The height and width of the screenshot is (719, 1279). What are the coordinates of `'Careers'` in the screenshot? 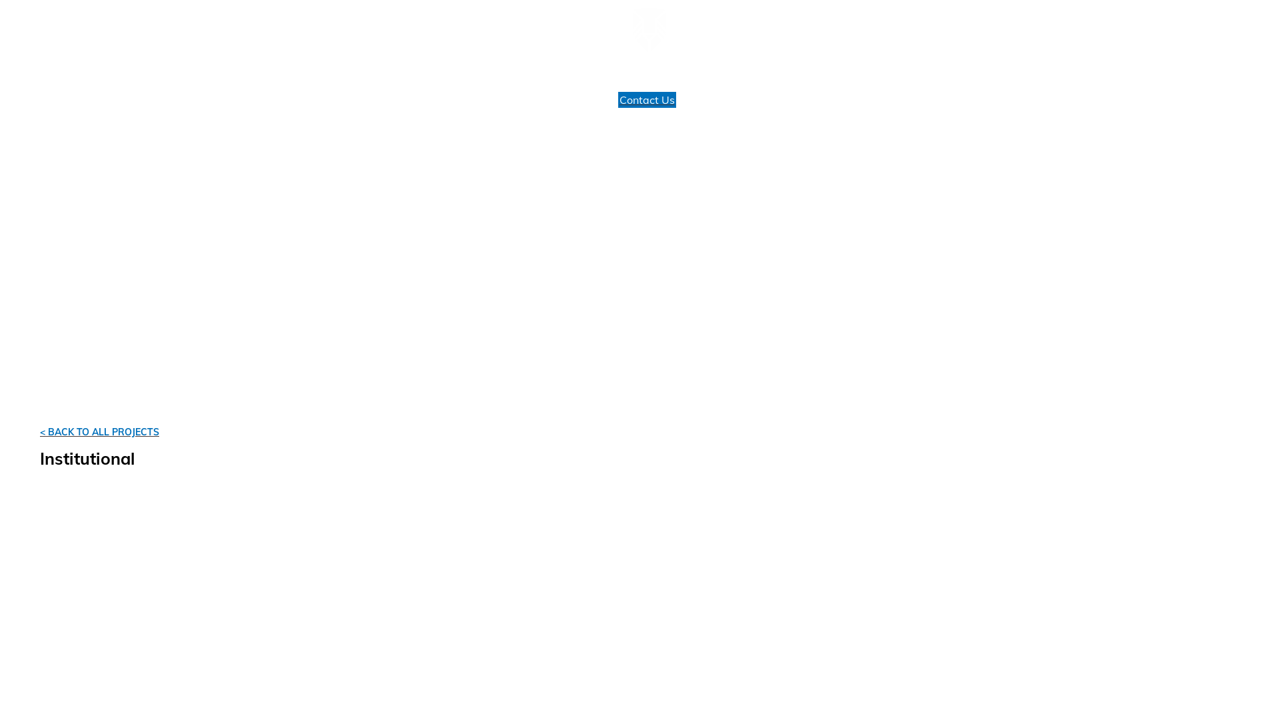 It's located at (226, 77).